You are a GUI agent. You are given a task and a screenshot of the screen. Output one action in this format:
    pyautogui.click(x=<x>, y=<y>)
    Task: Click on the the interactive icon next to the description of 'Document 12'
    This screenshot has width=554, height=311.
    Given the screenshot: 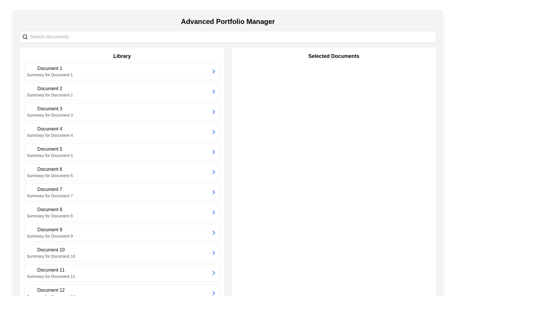 What is the action you would take?
    pyautogui.click(x=213, y=253)
    